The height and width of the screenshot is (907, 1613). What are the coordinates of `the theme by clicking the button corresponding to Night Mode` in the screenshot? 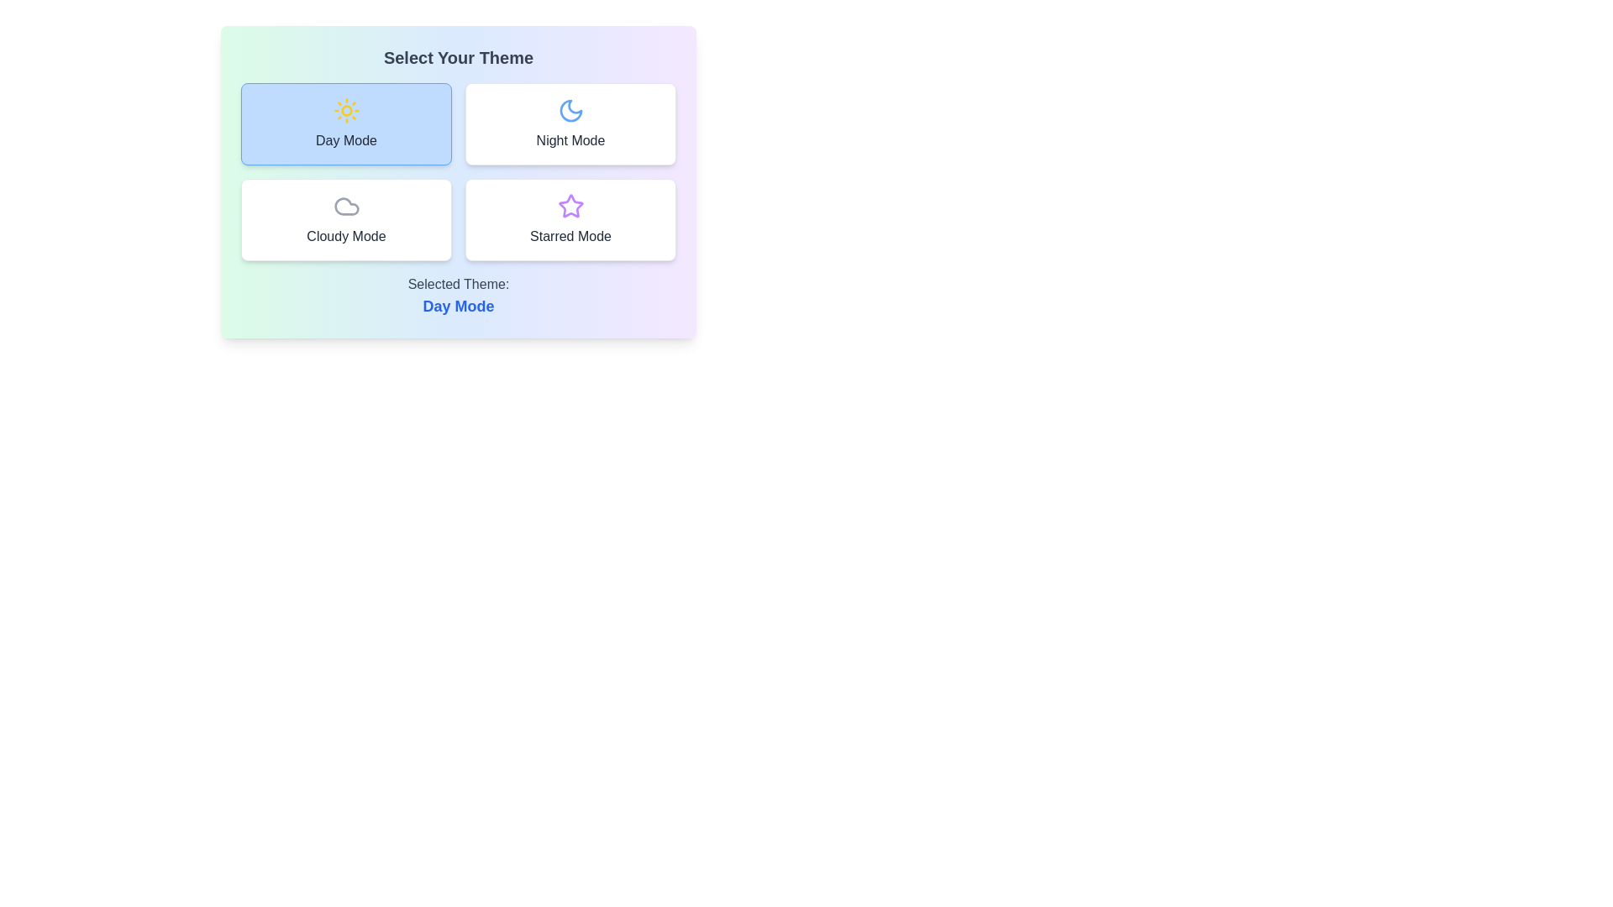 It's located at (570, 123).